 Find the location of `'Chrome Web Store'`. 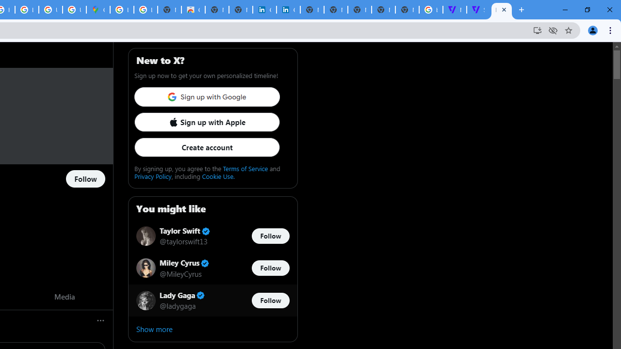

'Chrome Web Store' is located at coordinates (193, 10).